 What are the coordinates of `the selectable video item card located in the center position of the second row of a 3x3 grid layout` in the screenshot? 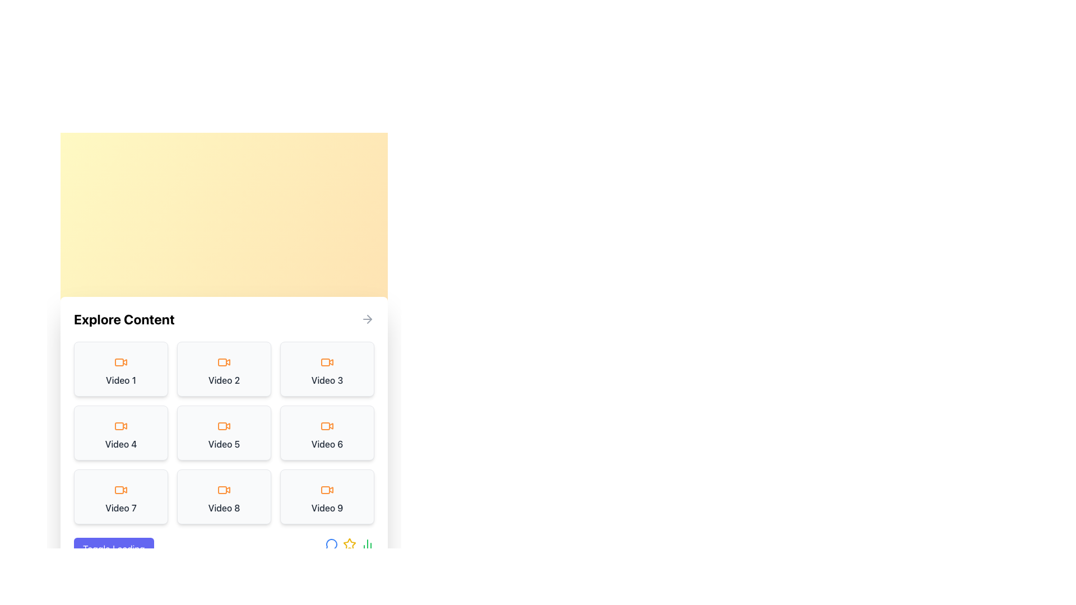 It's located at (224, 432).